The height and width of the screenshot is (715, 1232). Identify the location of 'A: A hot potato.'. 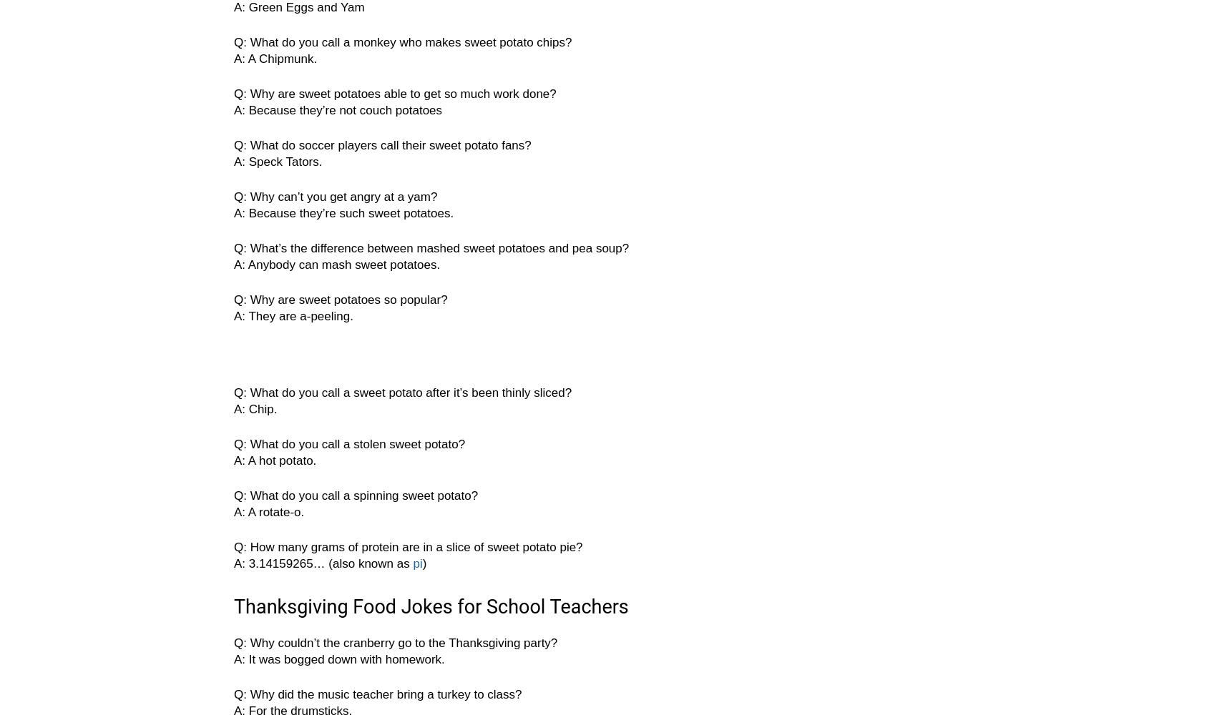
(275, 460).